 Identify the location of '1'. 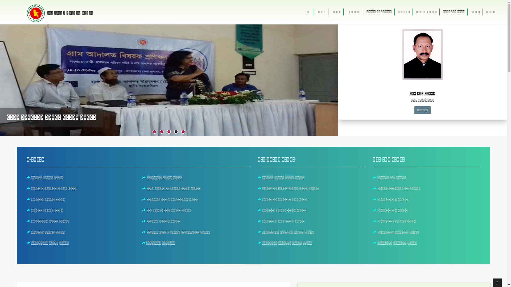
(154, 132).